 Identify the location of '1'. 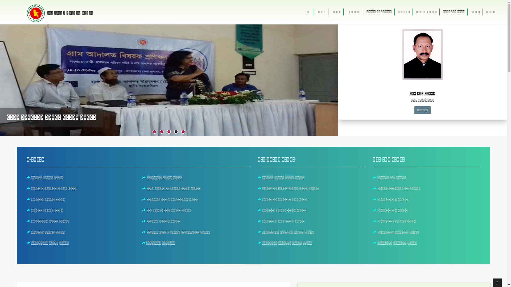
(154, 132).